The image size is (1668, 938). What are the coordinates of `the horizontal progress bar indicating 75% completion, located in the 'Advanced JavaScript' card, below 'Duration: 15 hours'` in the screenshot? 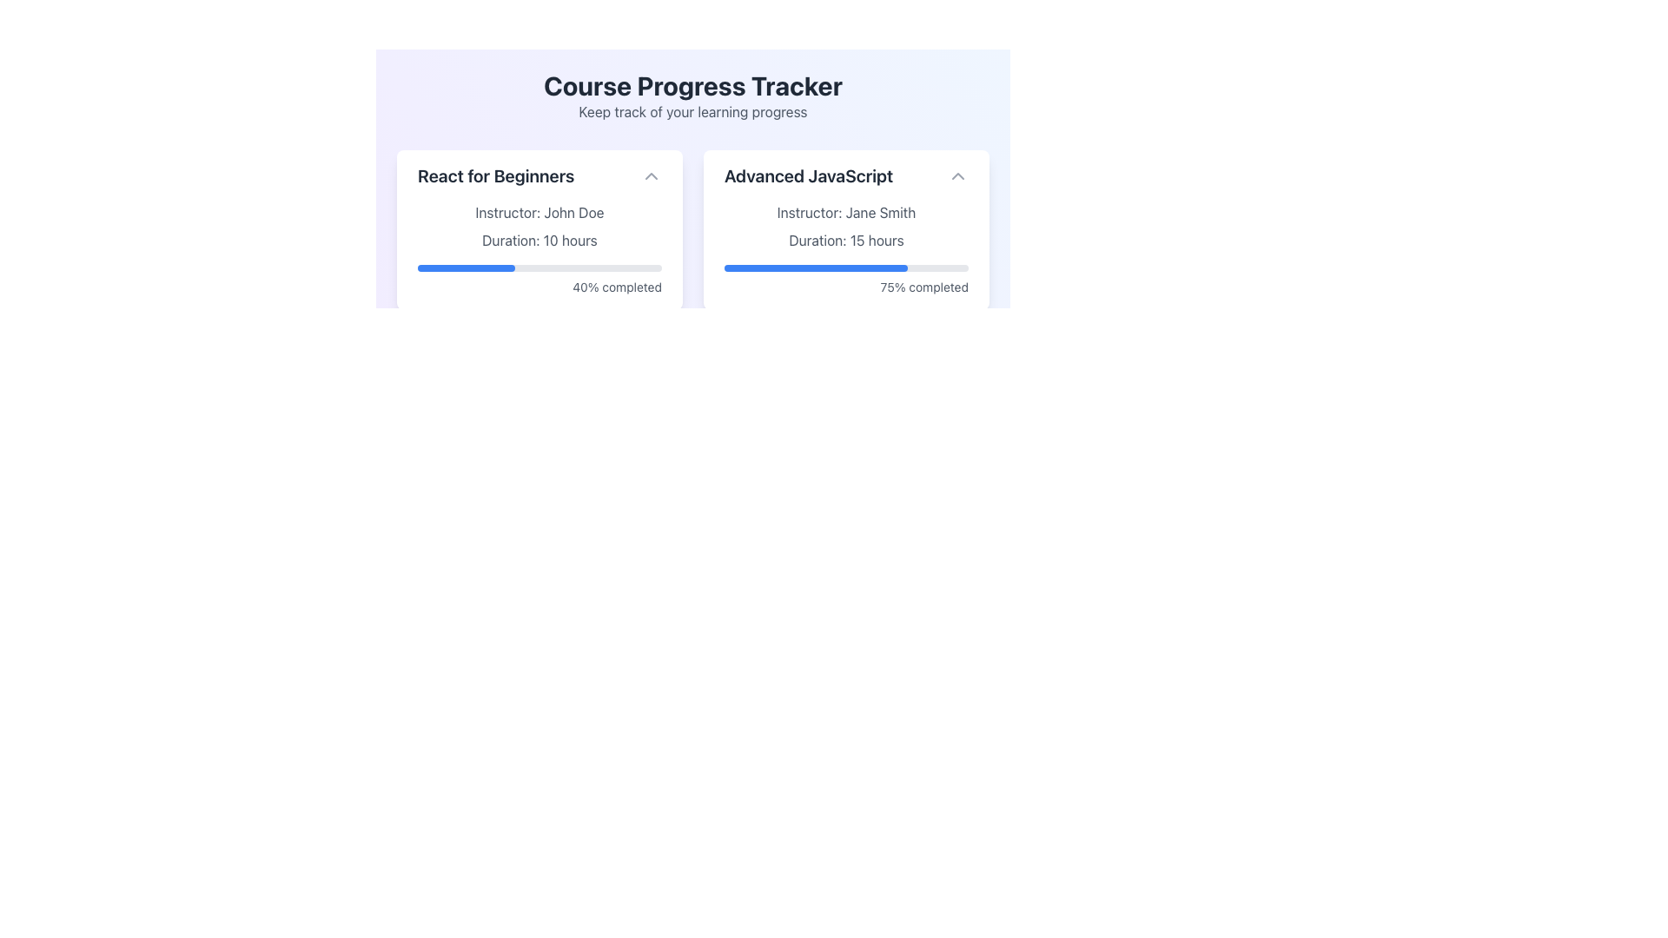 It's located at (815, 268).